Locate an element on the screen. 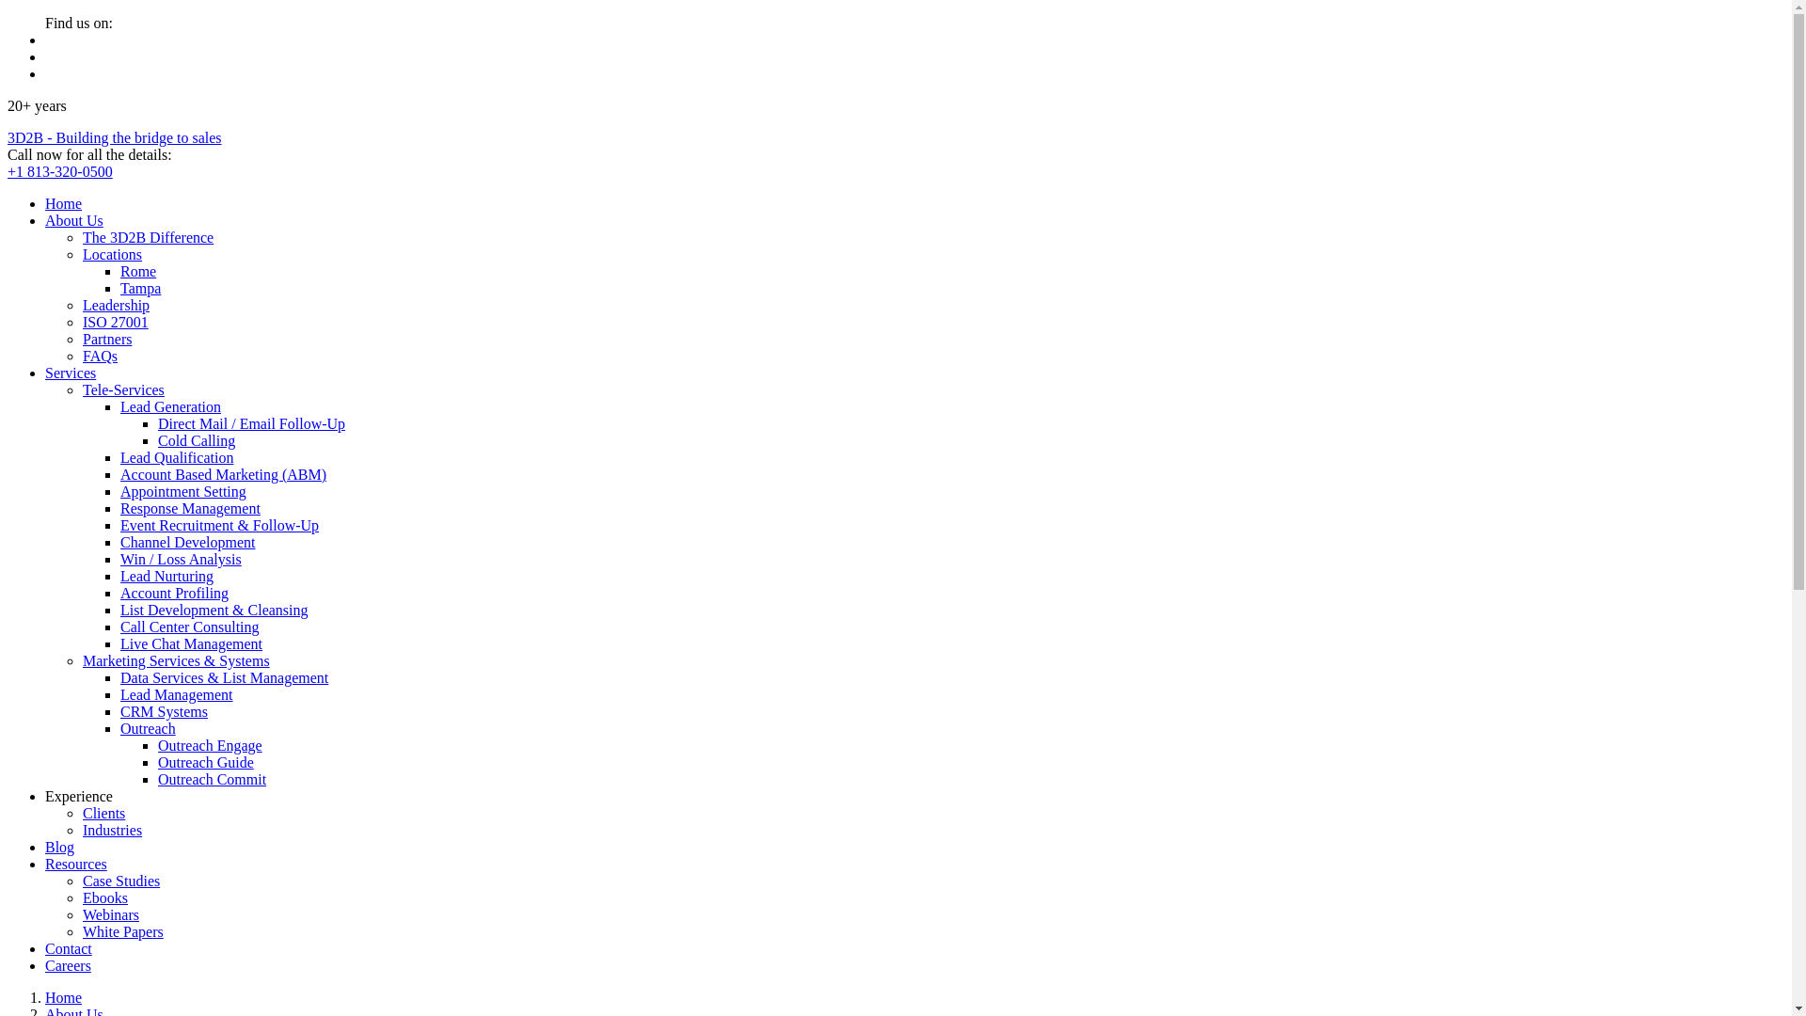 Image resolution: width=1806 pixels, height=1016 pixels. 'Resources' is located at coordinates (75, 864).